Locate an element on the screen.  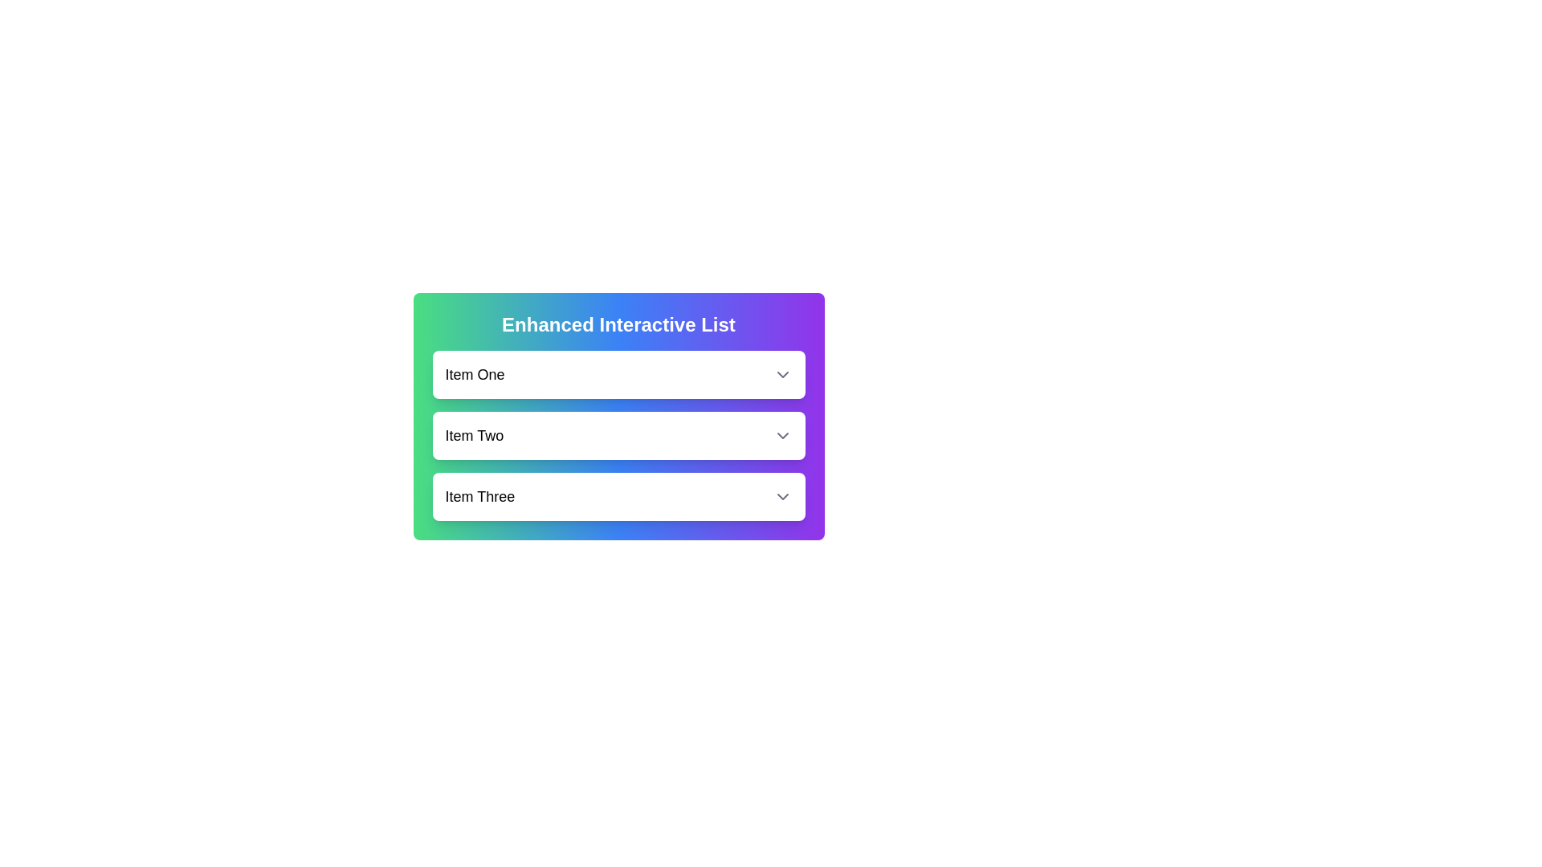
the downward-facing chevron icon next to 'Item Two' in the dropdown menu is located at coordinates (782, 436).